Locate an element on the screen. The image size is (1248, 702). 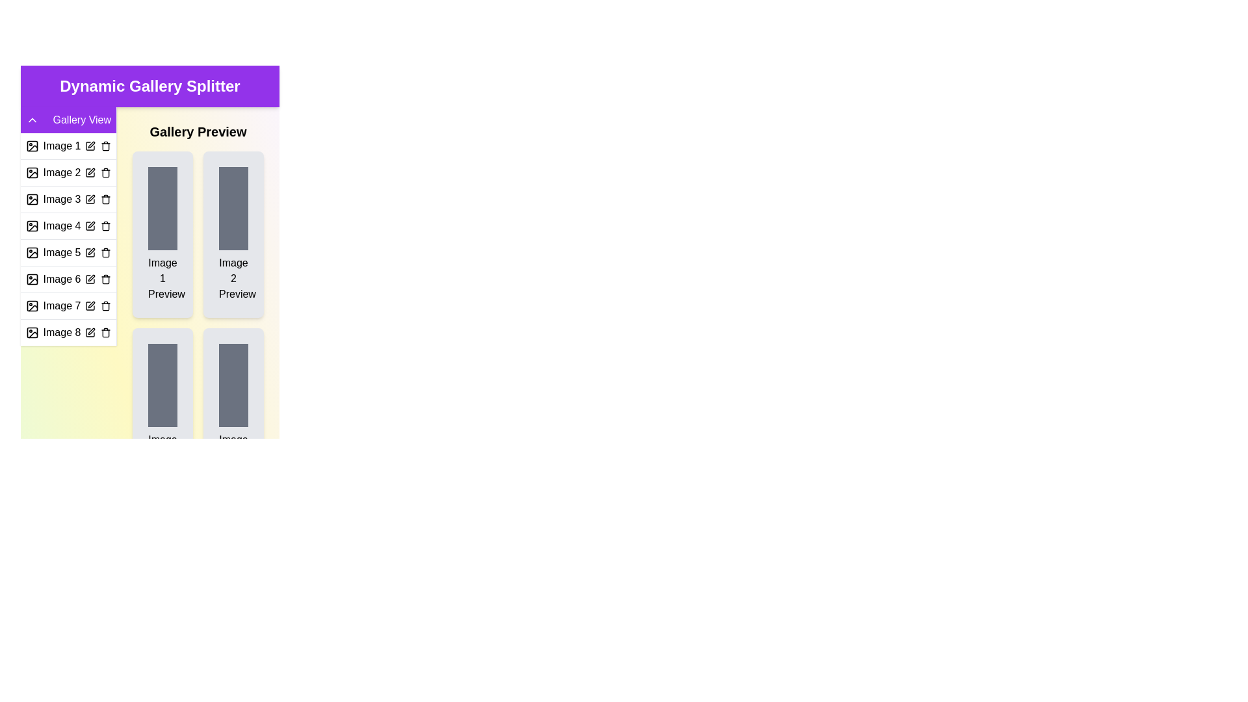
the leftmost icon in the row for 'Image 5' in the 'Gallery View' section is located at coordinates (32, 253).